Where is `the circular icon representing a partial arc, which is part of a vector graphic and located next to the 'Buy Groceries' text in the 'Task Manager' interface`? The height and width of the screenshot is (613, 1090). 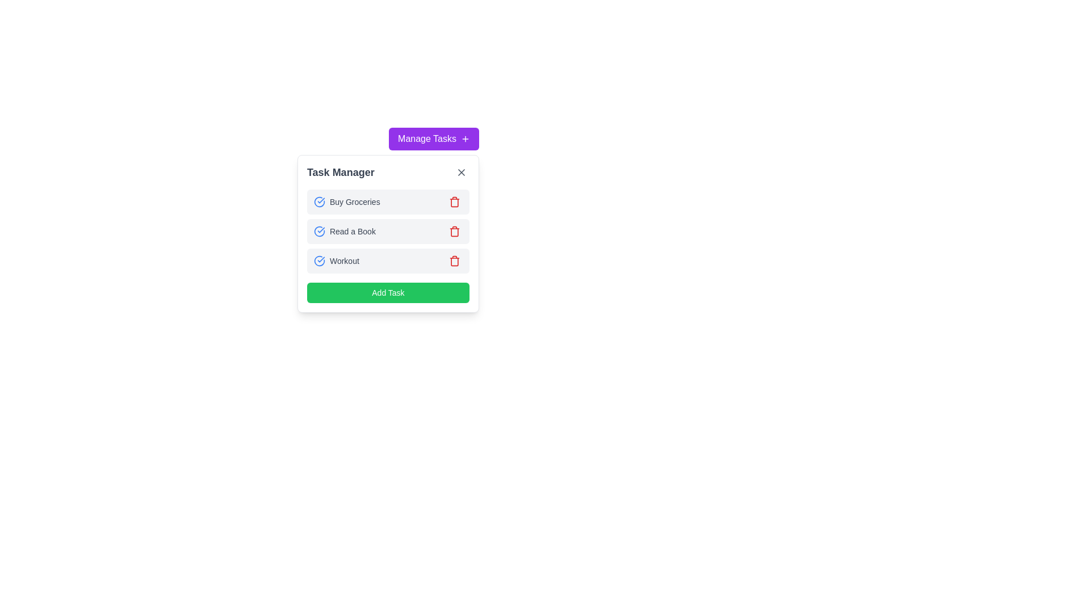 the circular icon representing a partial arc, which is part of a vector graphic and located next to the 'Buy Groceries' text in the 'Task Manager' interface is located at coordinates (318, 201).